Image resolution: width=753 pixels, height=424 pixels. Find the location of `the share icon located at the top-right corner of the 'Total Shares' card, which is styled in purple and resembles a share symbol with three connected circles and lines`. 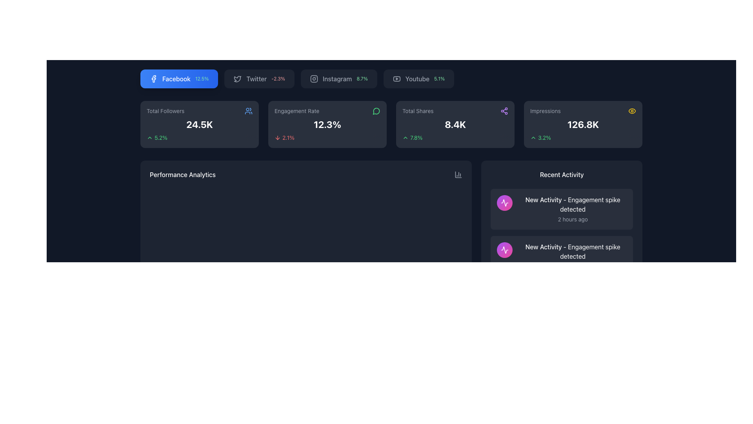

the share icon located at the top-right corner of the 'Total Shares' card, which is styled in purple and resembles a share symbol with three connected circles and lines is located at coordinates (504, 111).